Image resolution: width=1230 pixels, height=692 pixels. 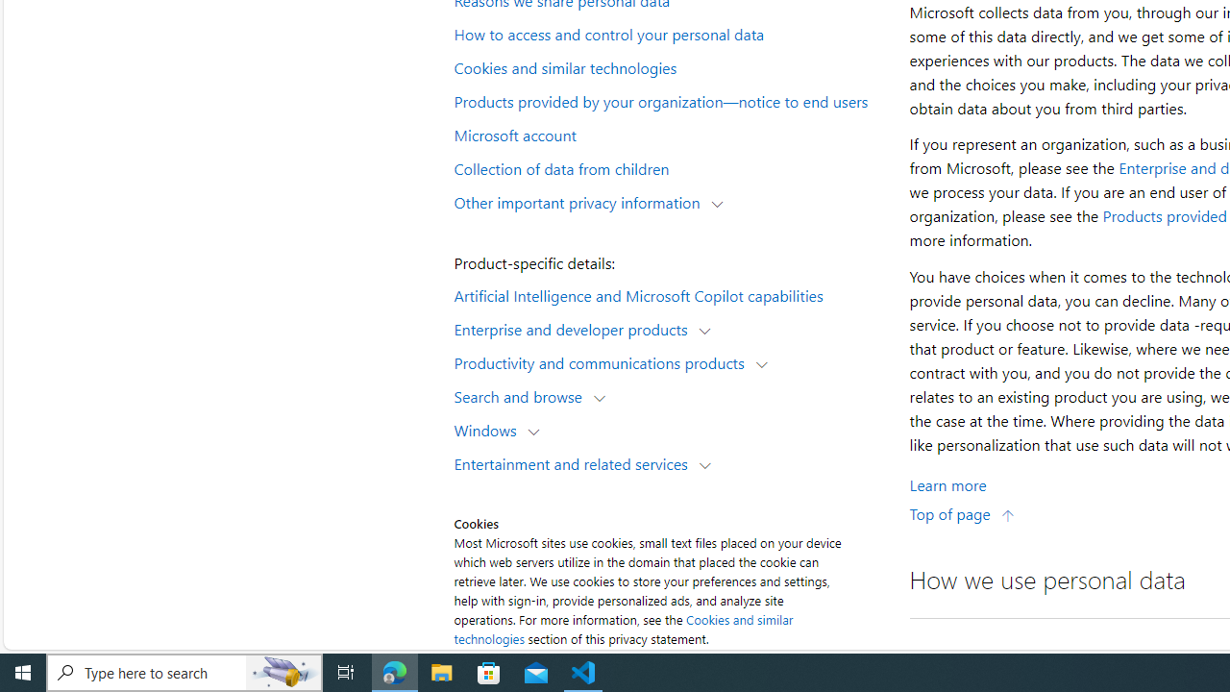 I want to click on 'Other important privacy information', so click(x=580, y=201).